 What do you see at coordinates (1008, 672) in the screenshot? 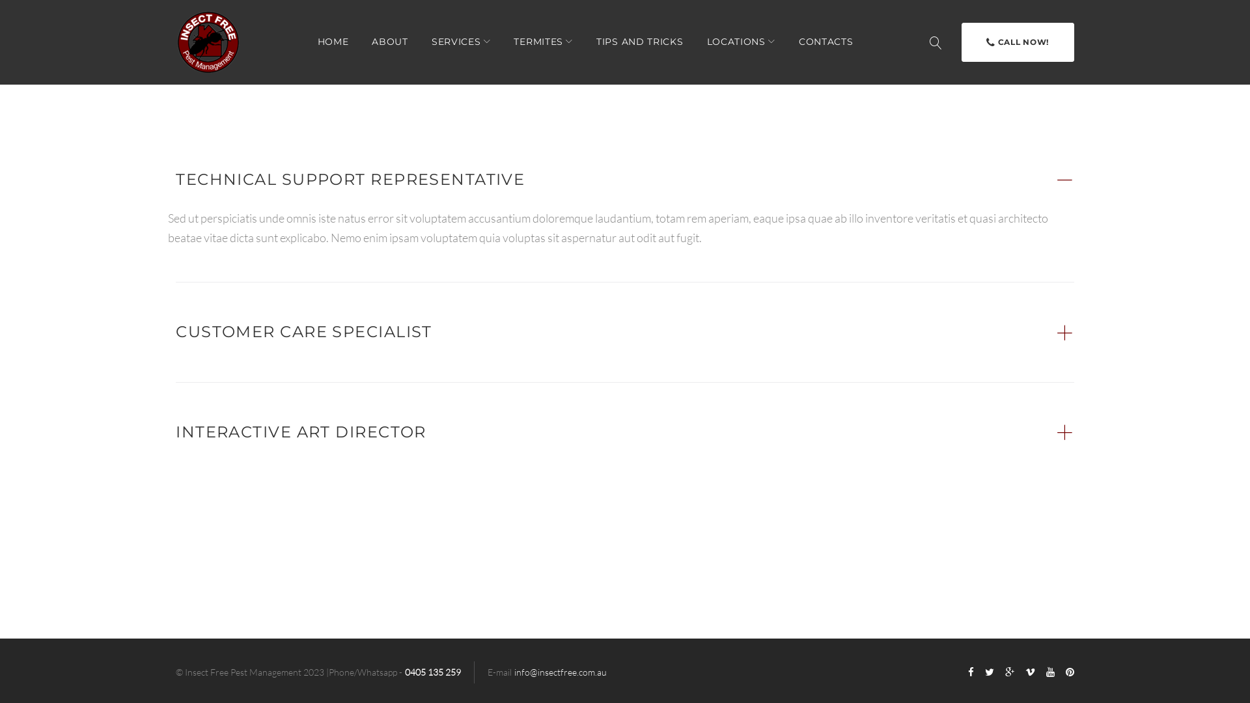
I see `'Google+'` at bounding box center [1008, 672].